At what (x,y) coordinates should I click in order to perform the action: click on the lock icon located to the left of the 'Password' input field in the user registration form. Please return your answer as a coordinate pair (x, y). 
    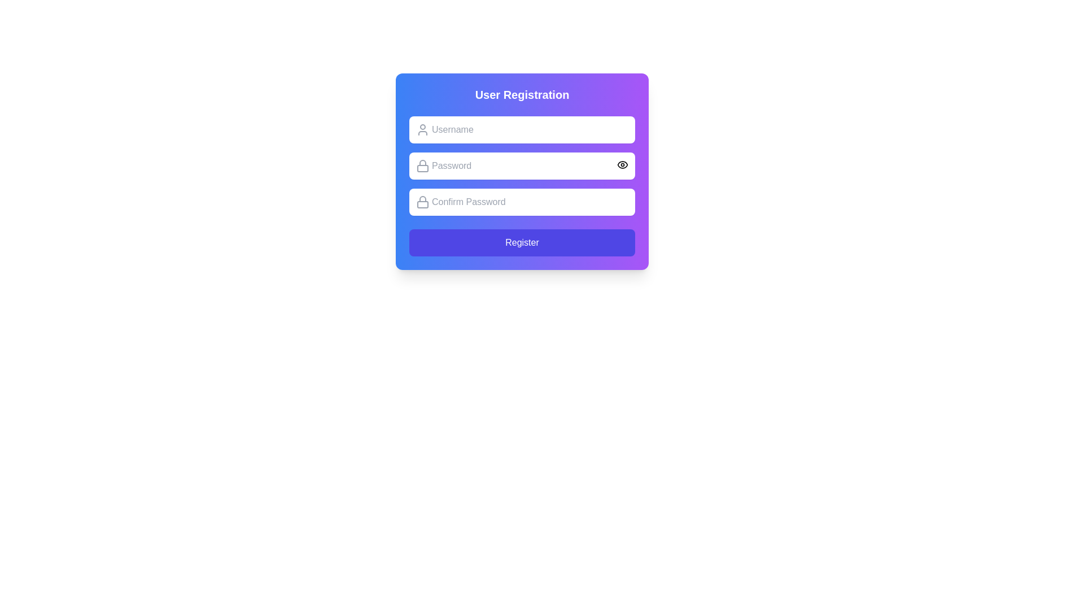
    Looking at the image, I should click on (422, 165).